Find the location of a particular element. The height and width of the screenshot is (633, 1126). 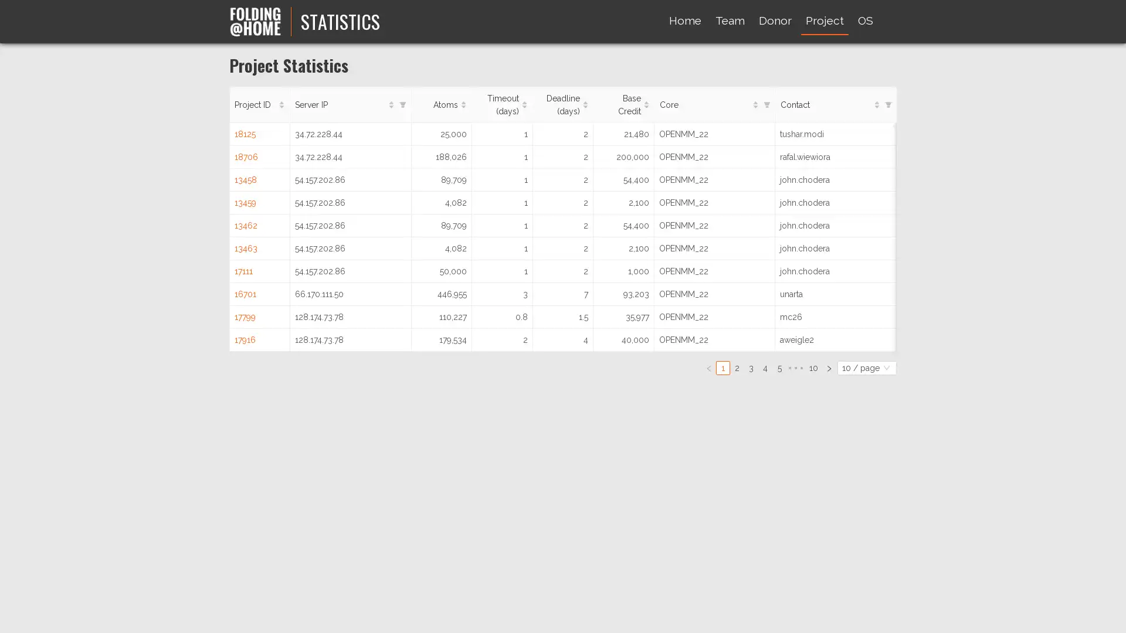

filter is located at coordinates (402, 104).